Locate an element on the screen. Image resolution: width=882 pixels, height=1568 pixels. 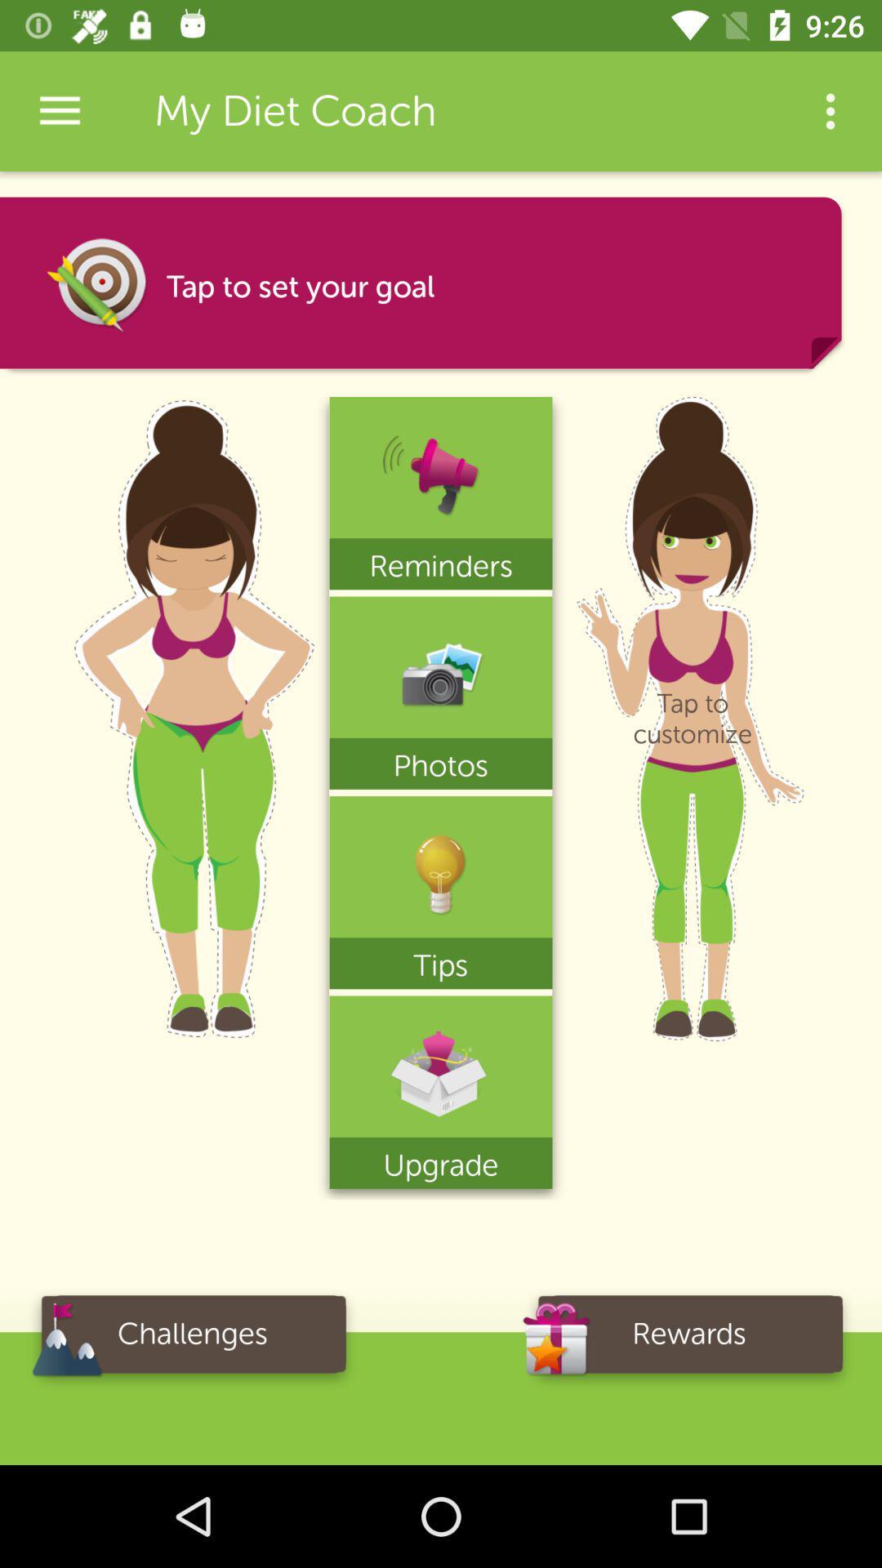
item to the right of challenges icon is located at coordinates (689, 1339).